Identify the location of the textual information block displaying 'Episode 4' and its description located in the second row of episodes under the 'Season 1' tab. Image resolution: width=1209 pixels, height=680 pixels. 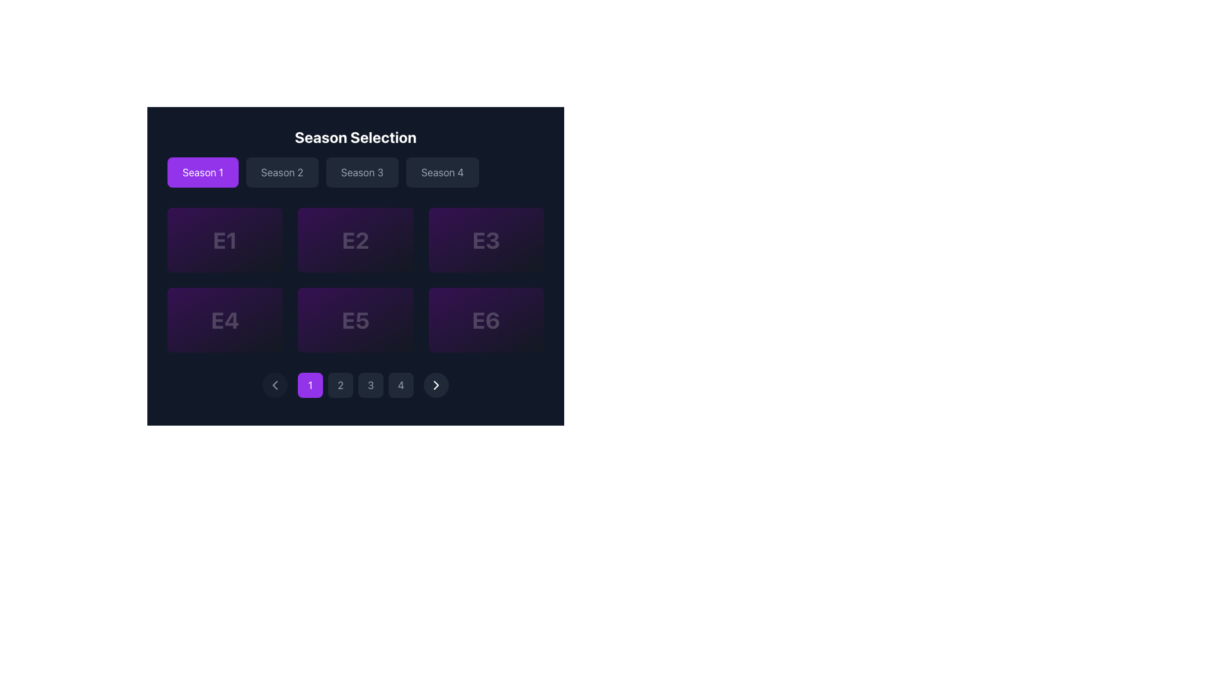
(225, 326).